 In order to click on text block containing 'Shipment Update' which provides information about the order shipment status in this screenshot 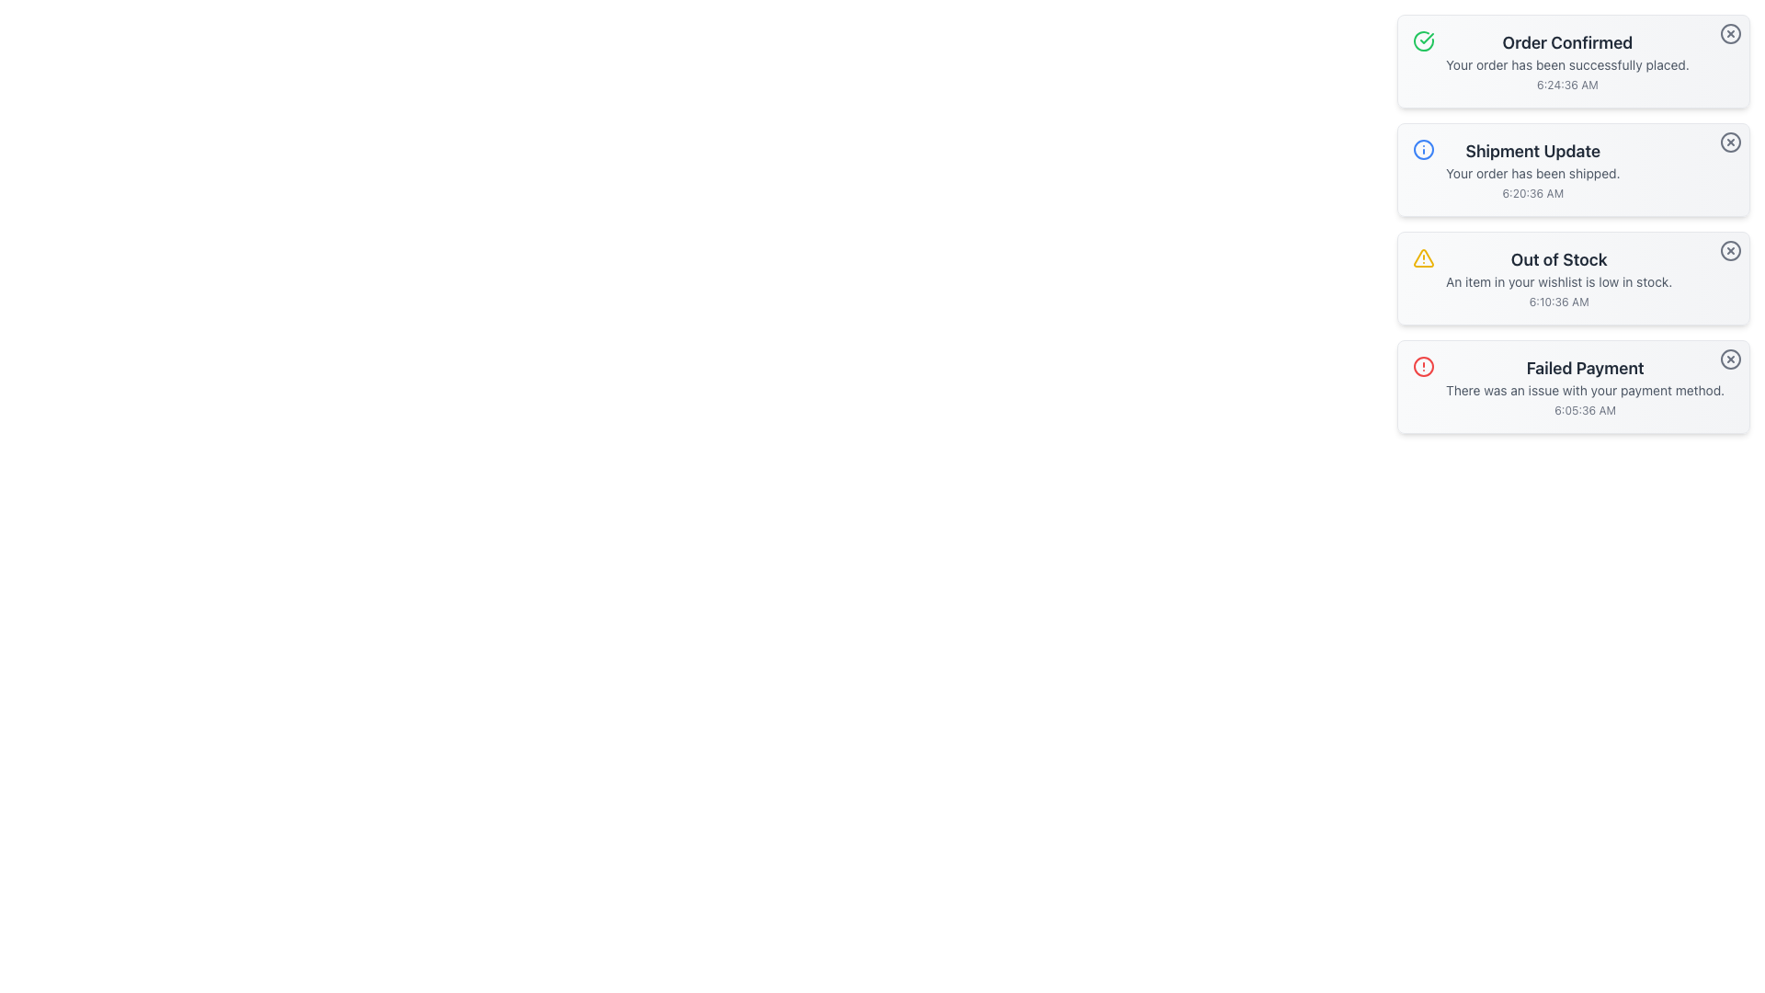, I will do `click(1532, 170)`.